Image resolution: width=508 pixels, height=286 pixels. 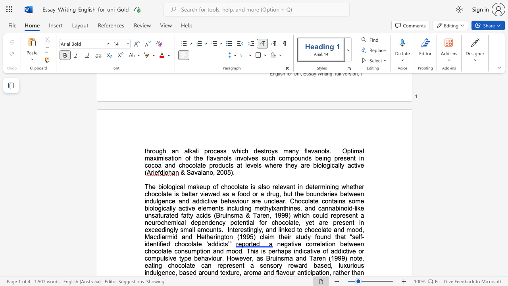 What do you see at coordinates (165, 272) in the screenshot?
I see `the subset text "nce, ba" within the text "a sensory reward based, luxurious indulgence, based around texture,"` at bounding box center [165, 272].